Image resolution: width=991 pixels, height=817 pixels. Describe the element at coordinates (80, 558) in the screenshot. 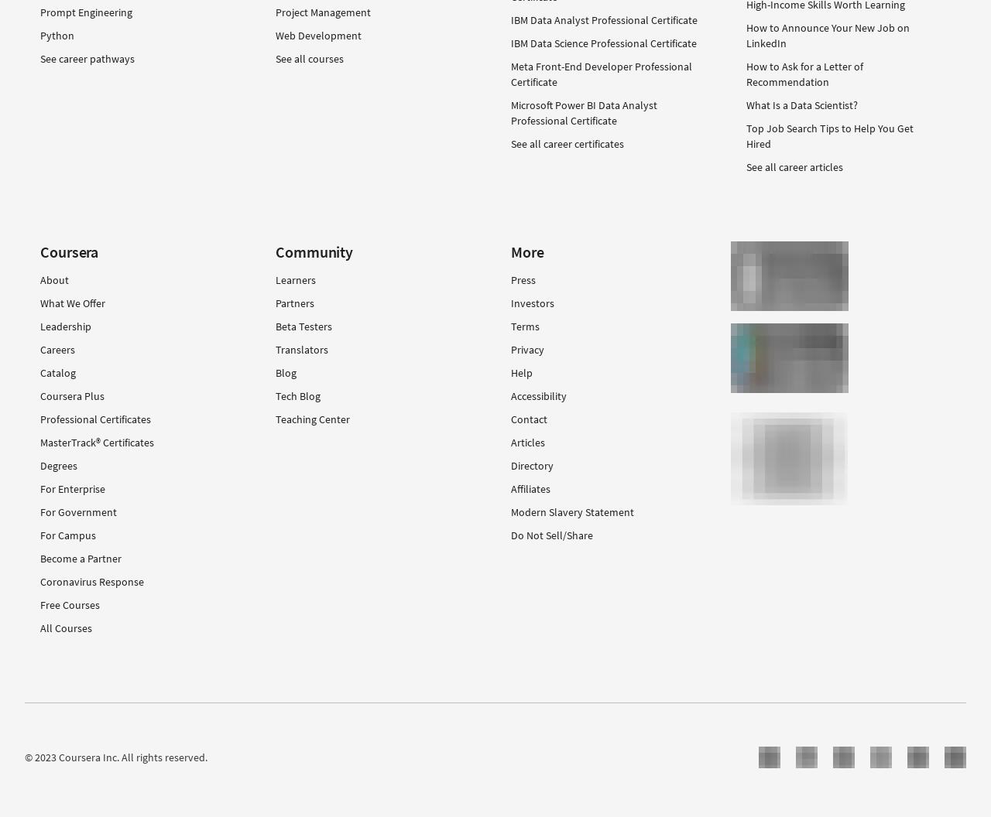

I see `'Become a Partner'` at that location.